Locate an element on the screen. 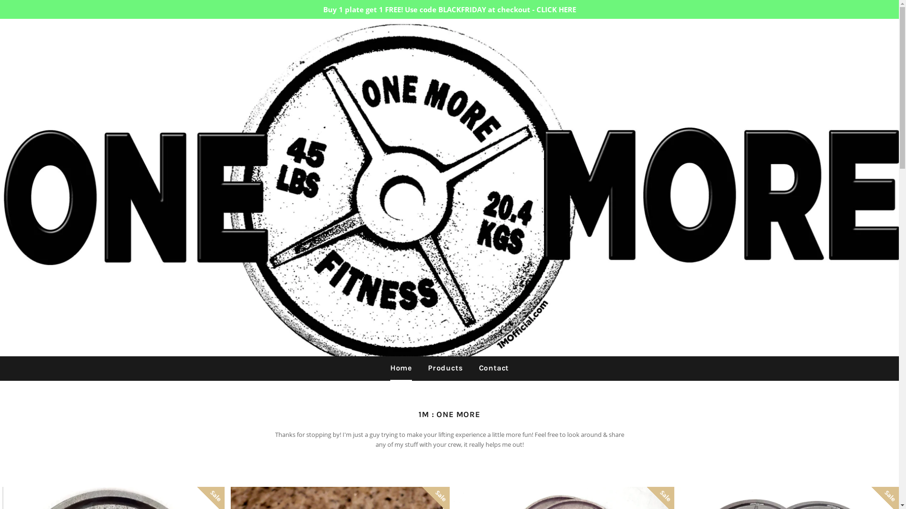  'Search' is located at coordinates (863, 33).